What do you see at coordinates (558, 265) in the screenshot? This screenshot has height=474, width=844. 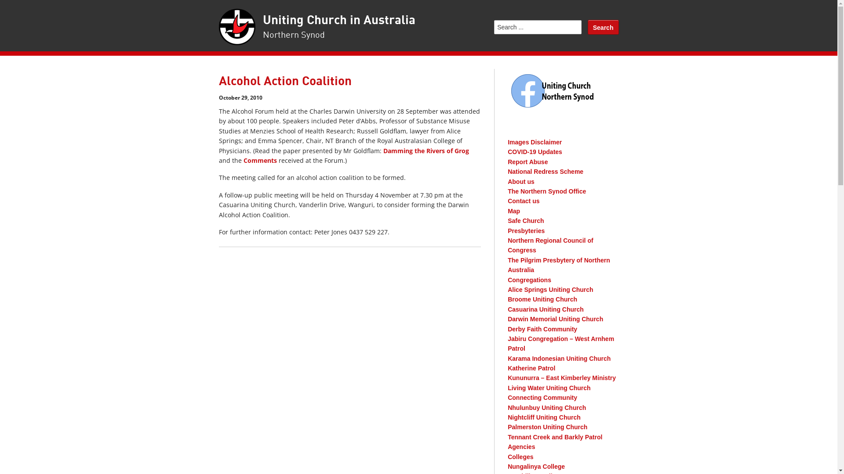 I see `'The Pilgrim Presbytery of Northern Australia'` at bounding box center [558, 265].